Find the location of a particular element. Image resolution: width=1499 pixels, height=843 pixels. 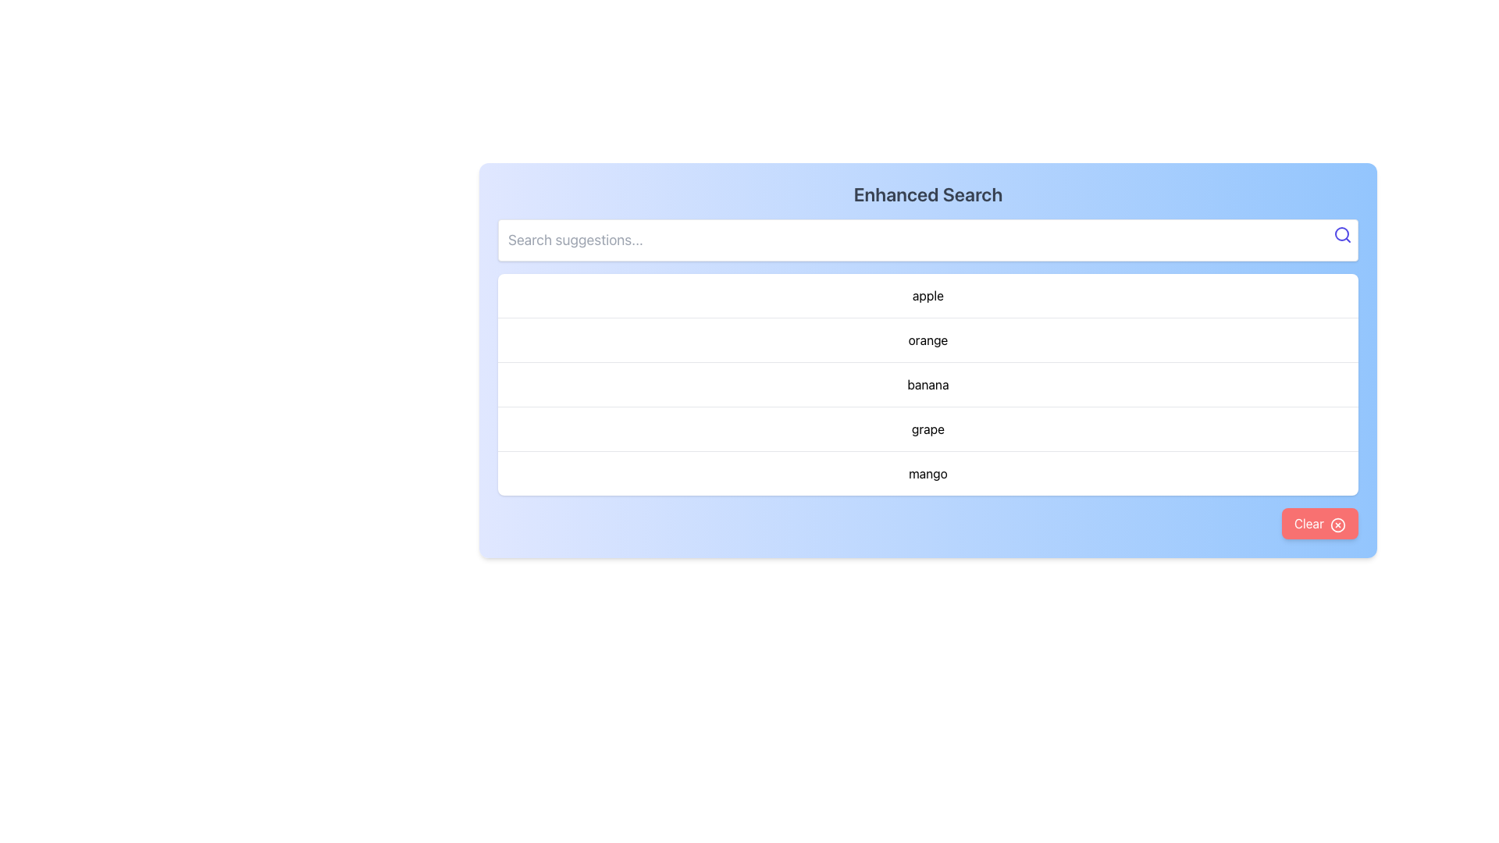

the first clickable list item displaying the text 'apple' is located at coordinates (928, 295).